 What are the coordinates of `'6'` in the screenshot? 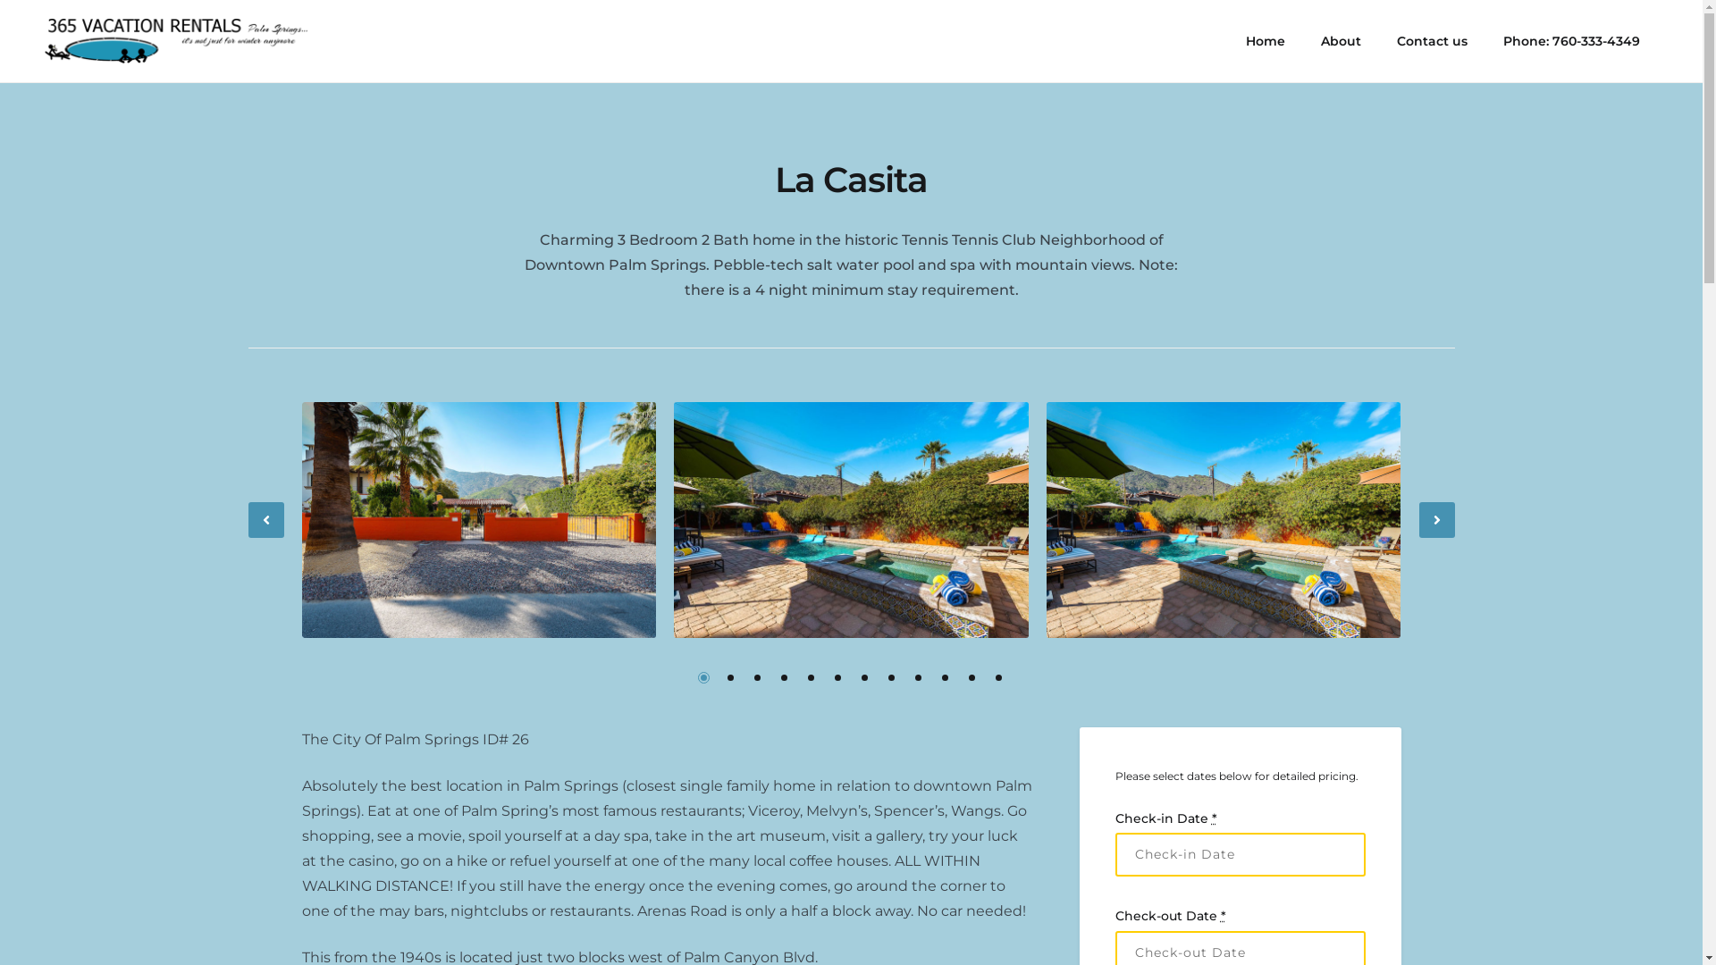 It's located at (837, 677).